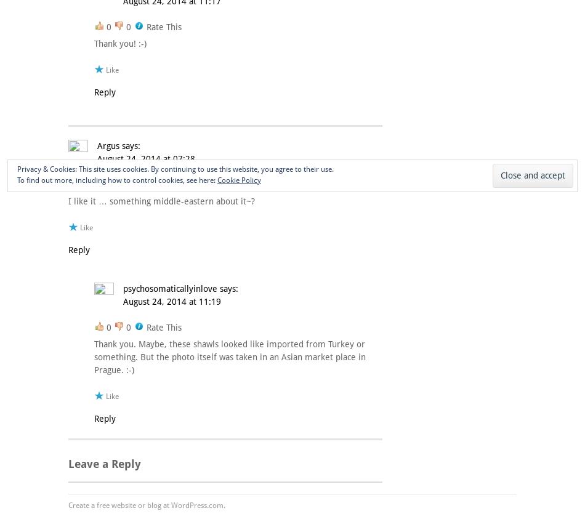  I want to click on 'I like it … something middle-eastern about it~?', so click(161, 200).